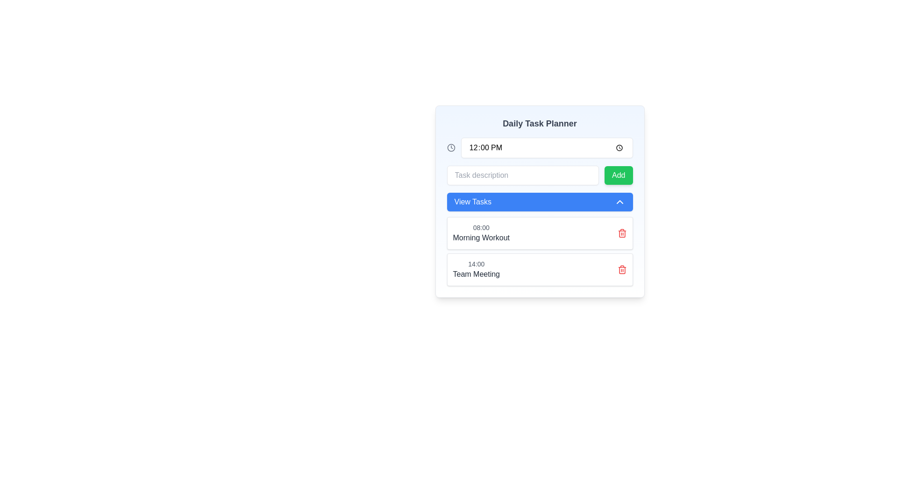  I want to click on the button in the 'Daily Task Planner' card interface, so click(540, 201).